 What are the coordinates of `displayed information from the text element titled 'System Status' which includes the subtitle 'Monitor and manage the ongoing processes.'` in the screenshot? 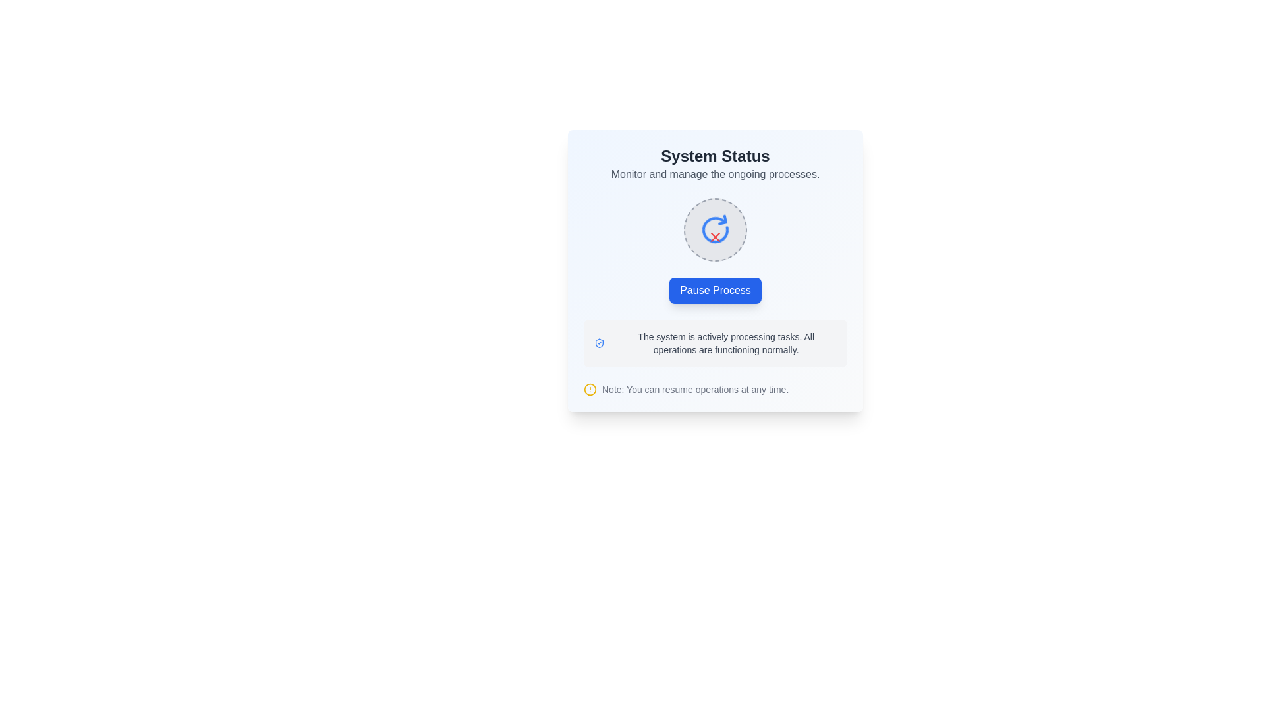 It's located at (714, 163).